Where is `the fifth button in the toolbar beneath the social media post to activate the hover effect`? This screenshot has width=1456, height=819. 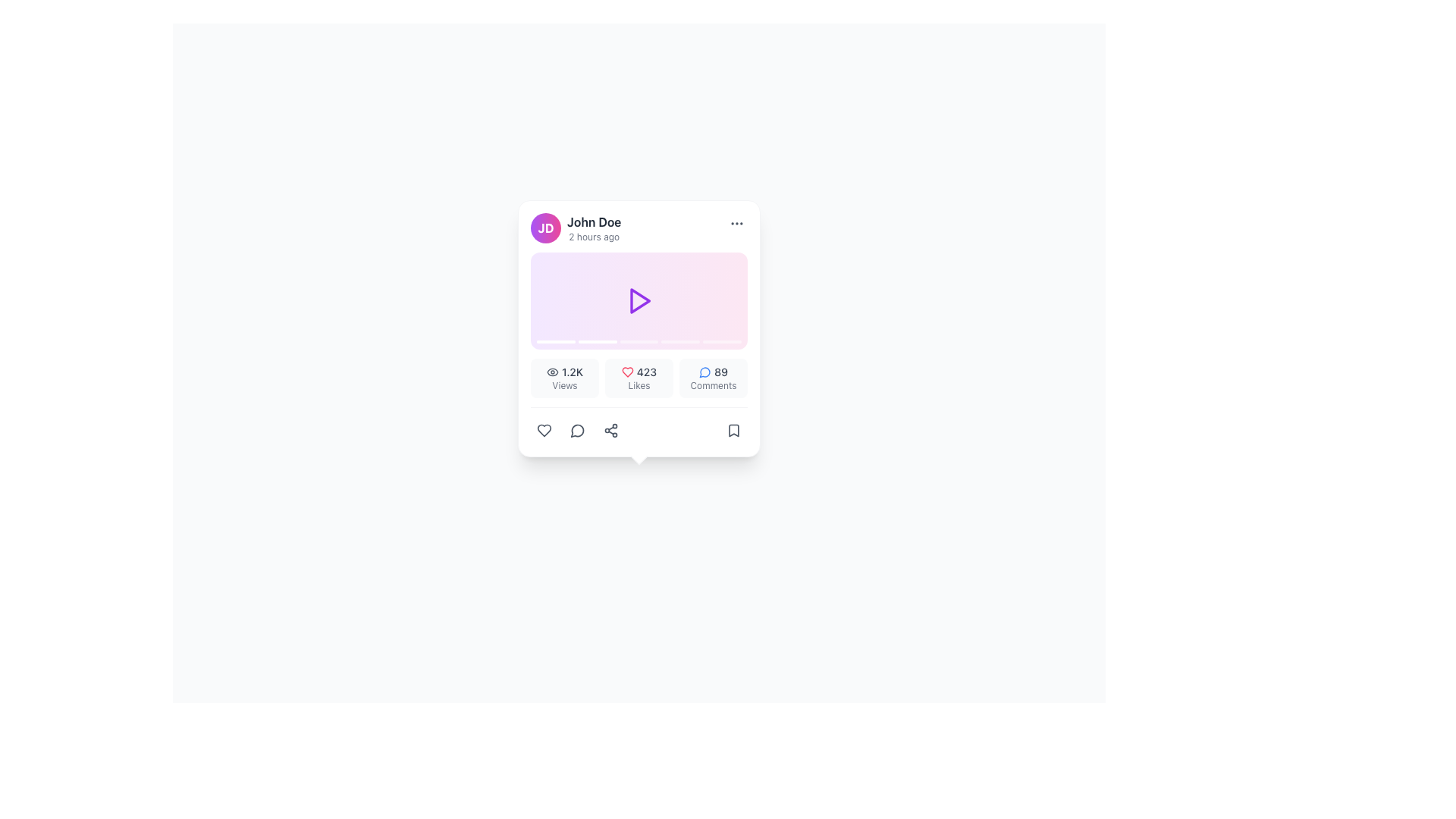
the fifth button in the toolbar beneath the social media post to activate the hover effect is located at coordinates (734, 430).